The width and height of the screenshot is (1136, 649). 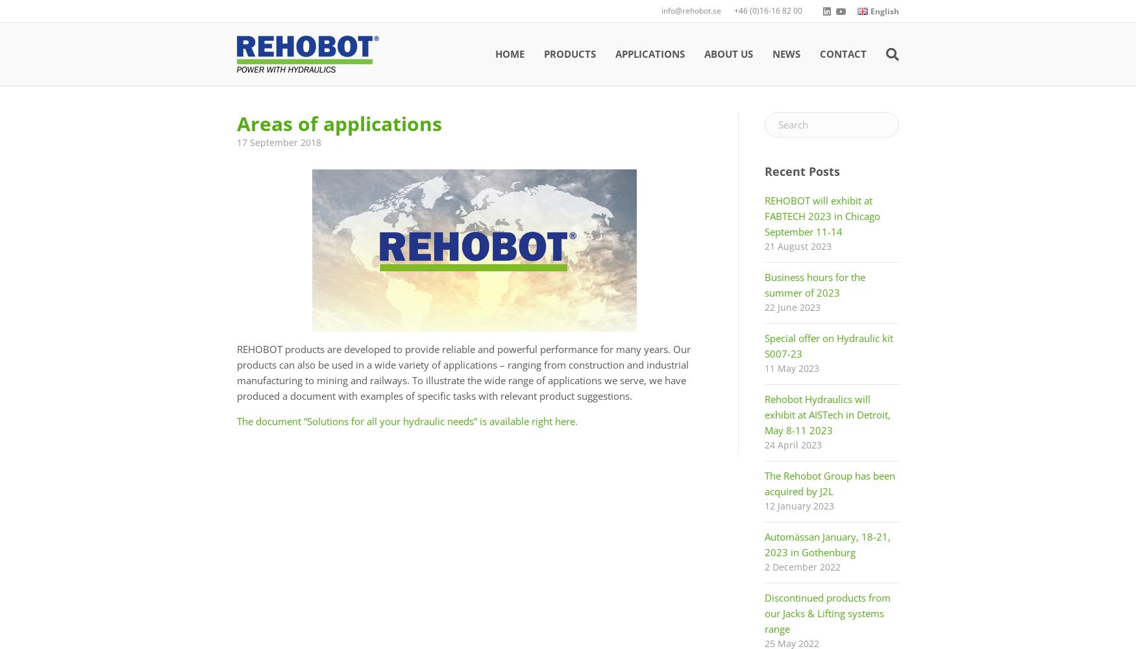 I want to click on 'info@rehobot.se', so click(x=691, y=10).